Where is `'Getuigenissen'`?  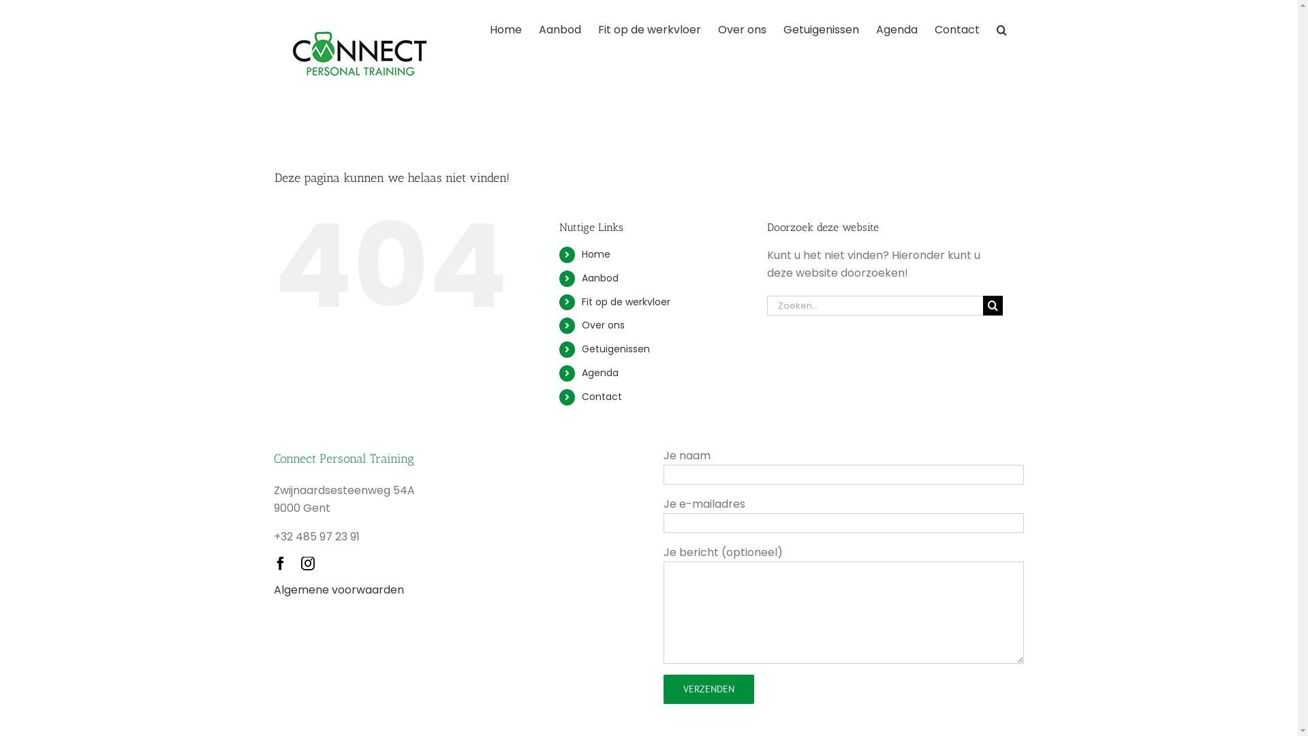
'Getuigenissen' is located at coordinates (614, 348).